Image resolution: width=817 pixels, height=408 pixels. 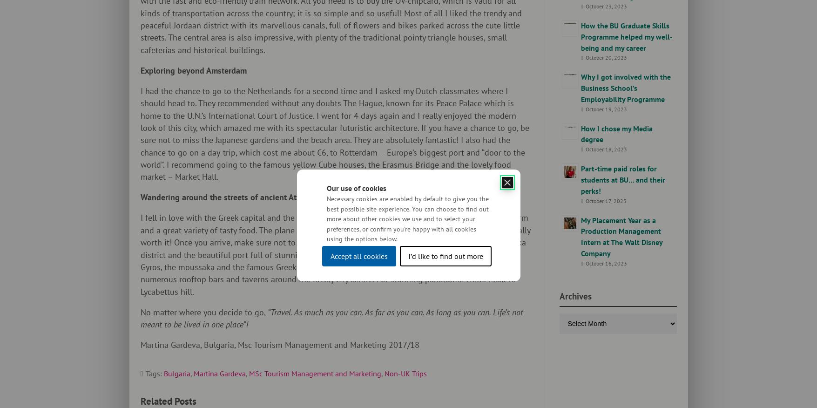 What do you see at coordinates (622, 179) in the screenshot?
I see `'Part-time paid roles for students at BU… and their perks!'` at bounding box center [622, 179].